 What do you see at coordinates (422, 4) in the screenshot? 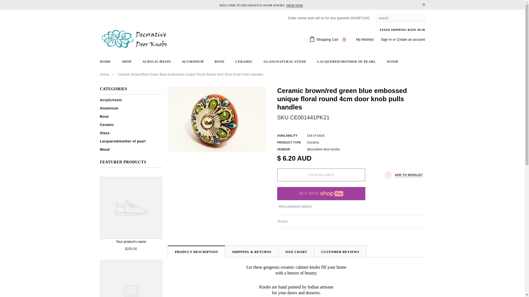
I see `'CLOSE'` at bounding box center [422, 4].